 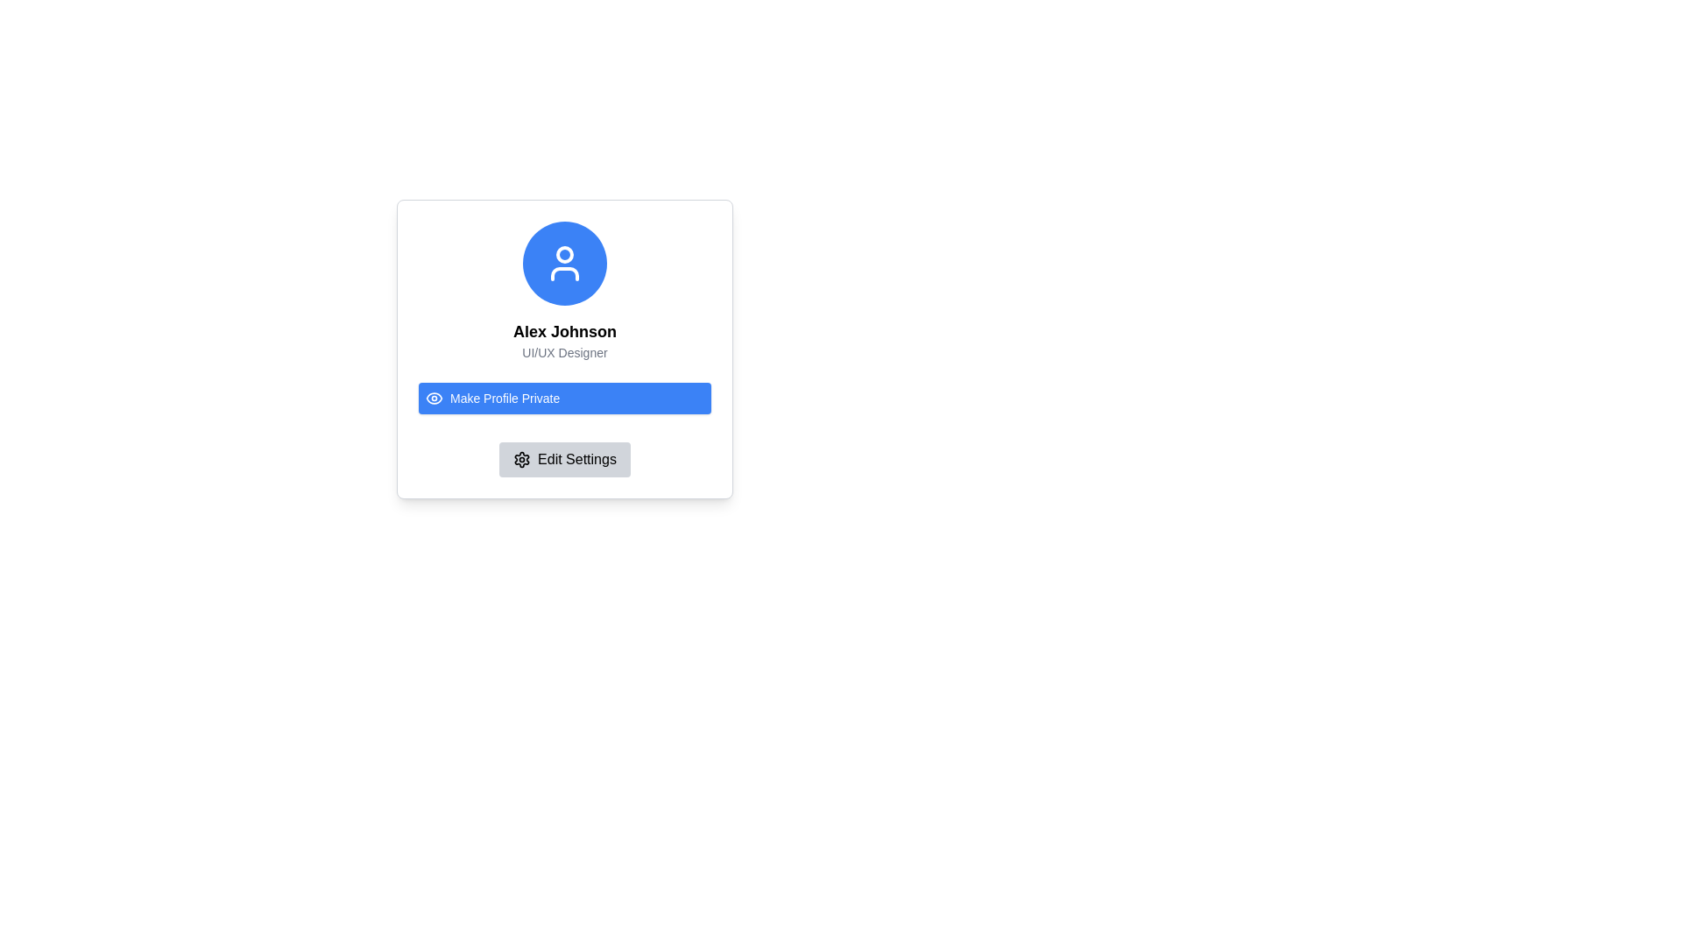 I want to click on the Profile Information Text element that displays the user's name and professional title, so click(x=564, y=341).